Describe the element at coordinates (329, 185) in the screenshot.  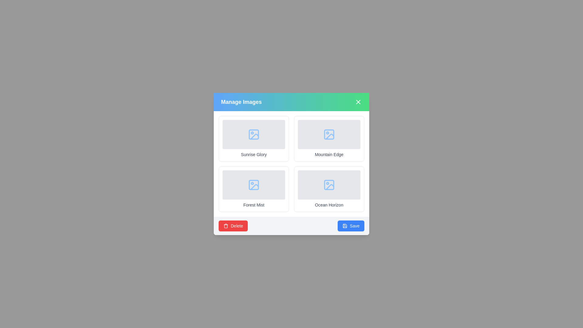
I see `the 'Ocean Horizon' icon located in the lower-right tile of the 2x2 grid layout within the modal dialog` at that location.